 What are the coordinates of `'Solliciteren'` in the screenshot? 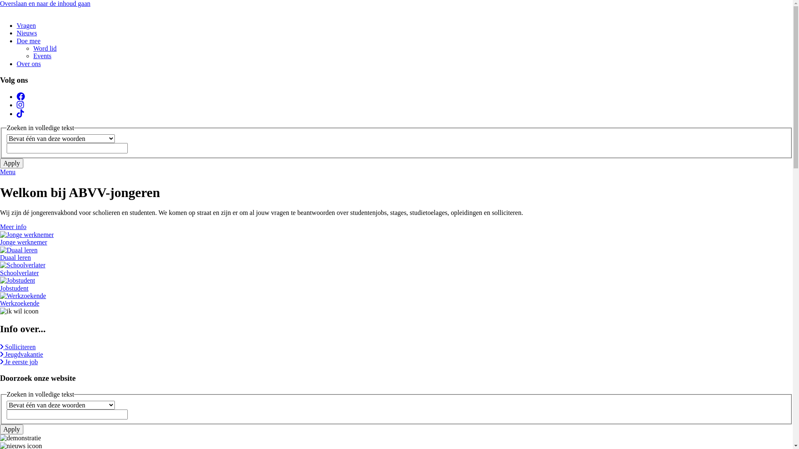 It's located at (18, 347).